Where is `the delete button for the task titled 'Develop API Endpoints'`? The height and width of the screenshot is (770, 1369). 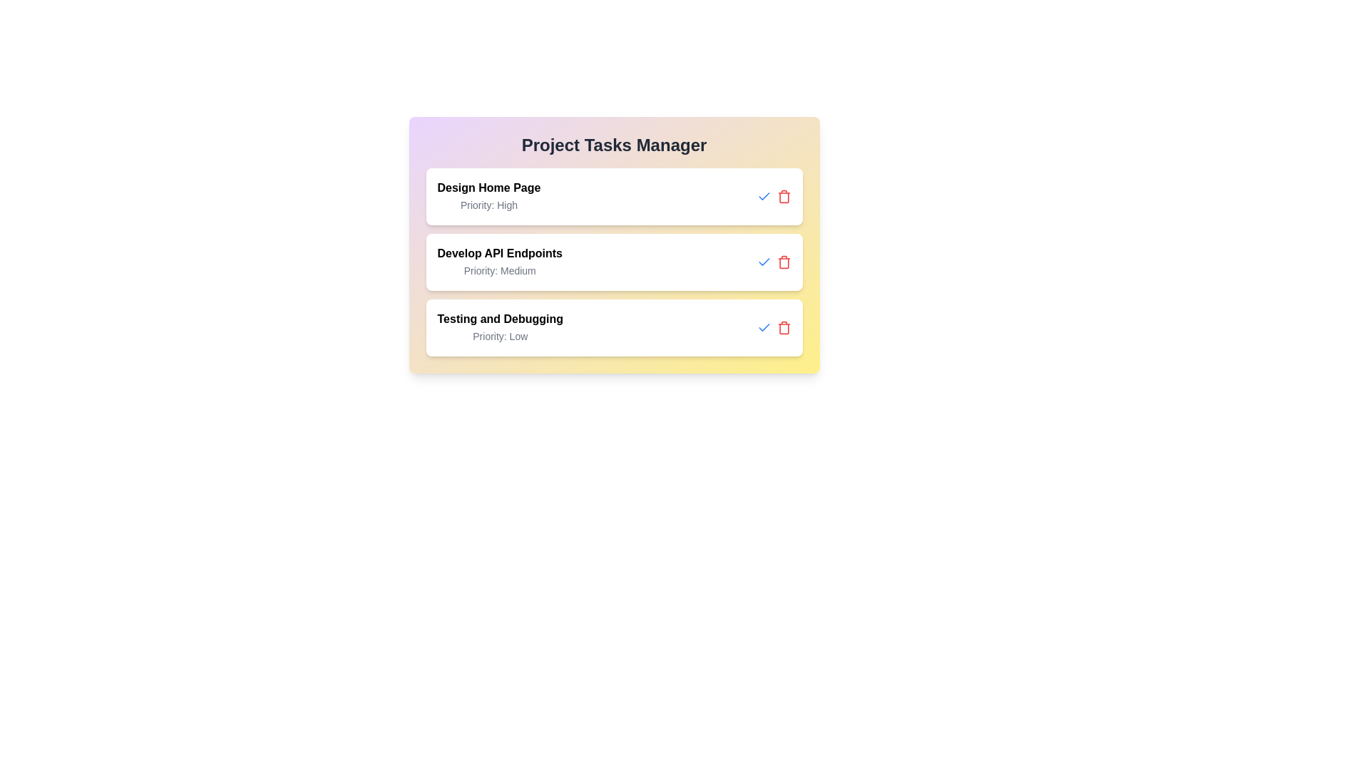 the delete button for the task titled 'Develop API Endpoints' is located at coordinates (783, 262).